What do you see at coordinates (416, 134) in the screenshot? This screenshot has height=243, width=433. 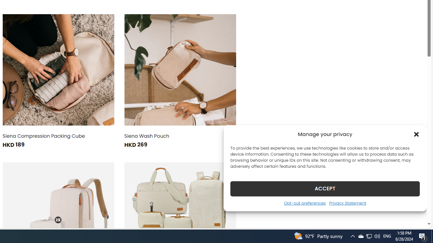 I see `'Class: cmplz-close'` at bounding box center [416, 134].